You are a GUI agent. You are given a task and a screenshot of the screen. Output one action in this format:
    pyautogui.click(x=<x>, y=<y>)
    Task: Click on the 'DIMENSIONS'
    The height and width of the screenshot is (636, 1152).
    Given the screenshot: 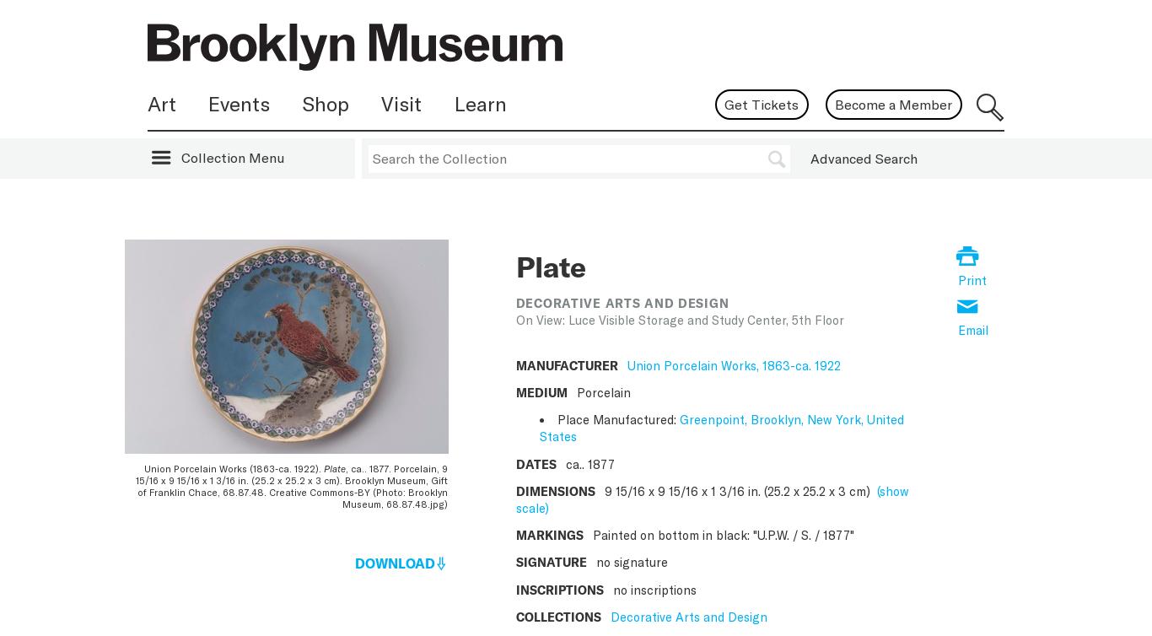 What is the action you would take?
    pyautogui.click(x=554, y=490)
    